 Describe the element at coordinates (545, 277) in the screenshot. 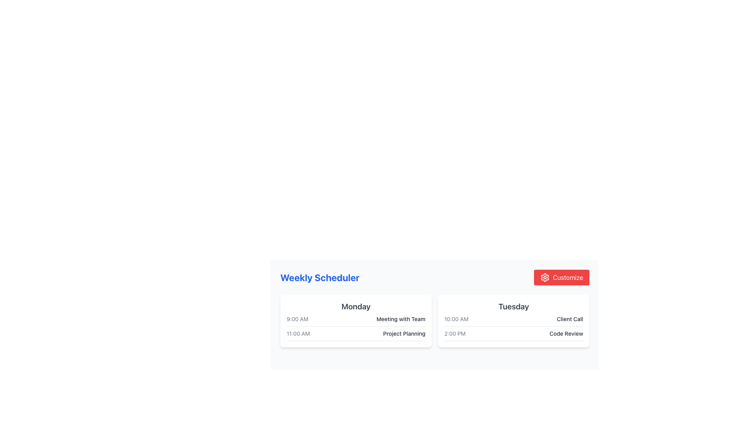

I see `the cogwheel icon for settings located next to the 'Customize' button with a red background in the top-right corner of the scheduler view` at that location.